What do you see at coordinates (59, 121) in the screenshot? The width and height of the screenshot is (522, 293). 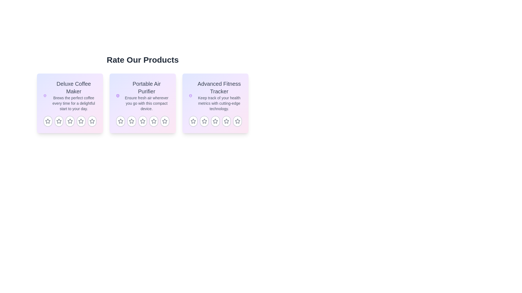 I see `the first star-shaped icon in the rating interface under the 'Deluxe Coffee Maker' product` at bounding box center [59, 121].